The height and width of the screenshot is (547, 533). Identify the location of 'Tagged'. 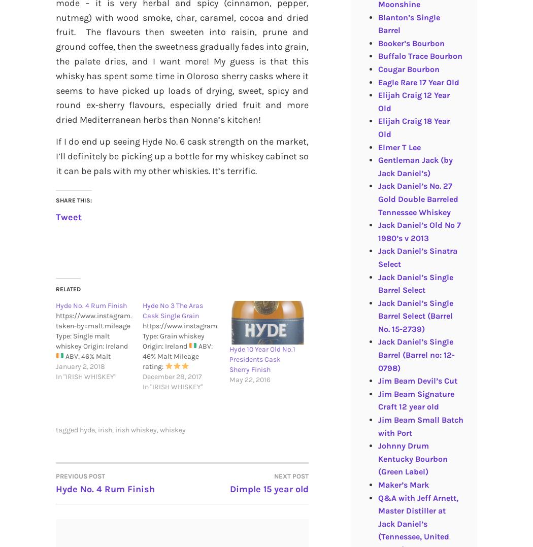
(56, 430).